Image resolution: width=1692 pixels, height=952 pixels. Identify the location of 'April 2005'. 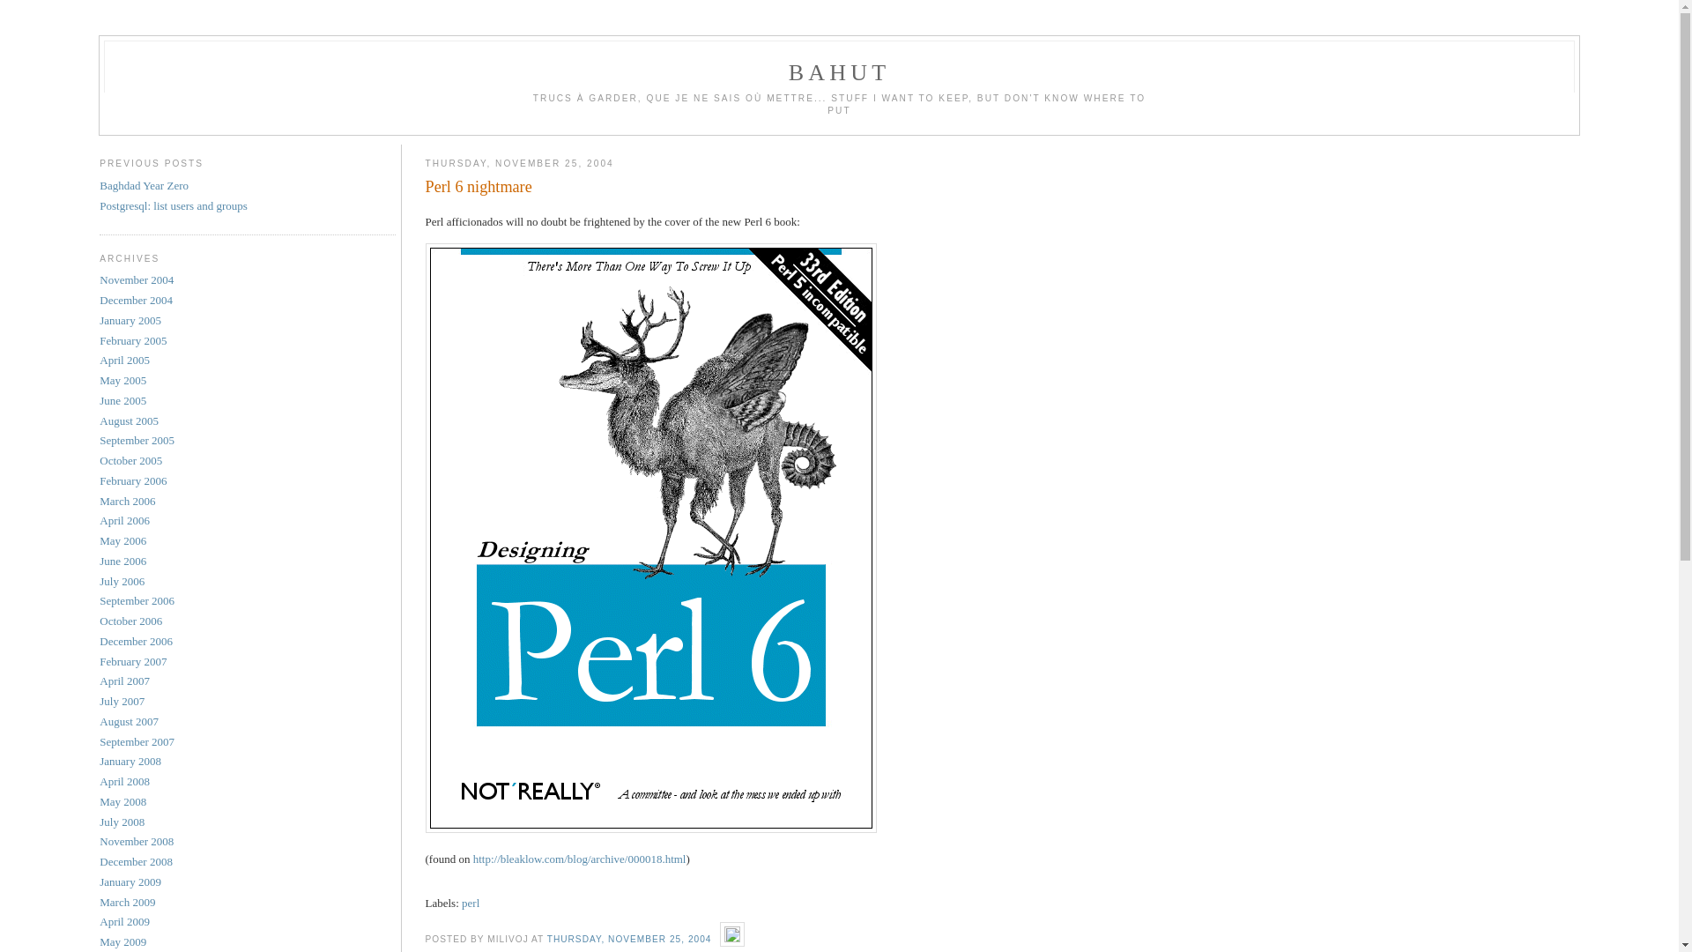
(123, 359).